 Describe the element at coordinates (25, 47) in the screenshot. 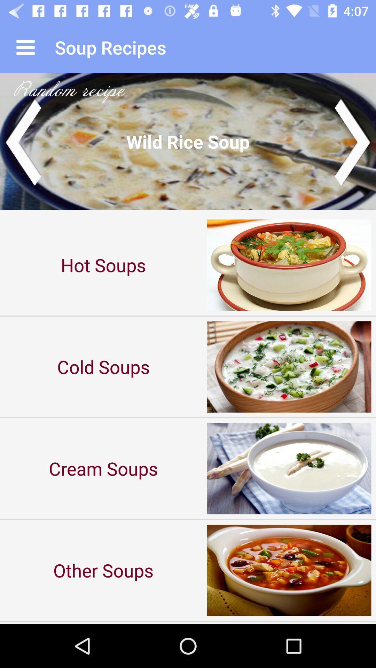

I see `the app next to soup recipes app` at that location.